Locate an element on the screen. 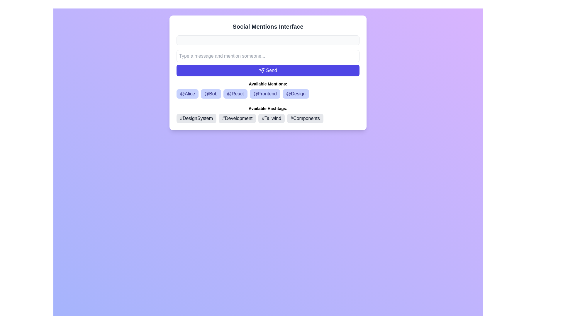 This screenshot has width=563, height=316. one of the hashtags in the group of labels styled as buttons located at the bottom section of the white card in the 'Social Mentions Interface', directly below the 'Available Hashtags:' label is located at coordinates (267, 118).